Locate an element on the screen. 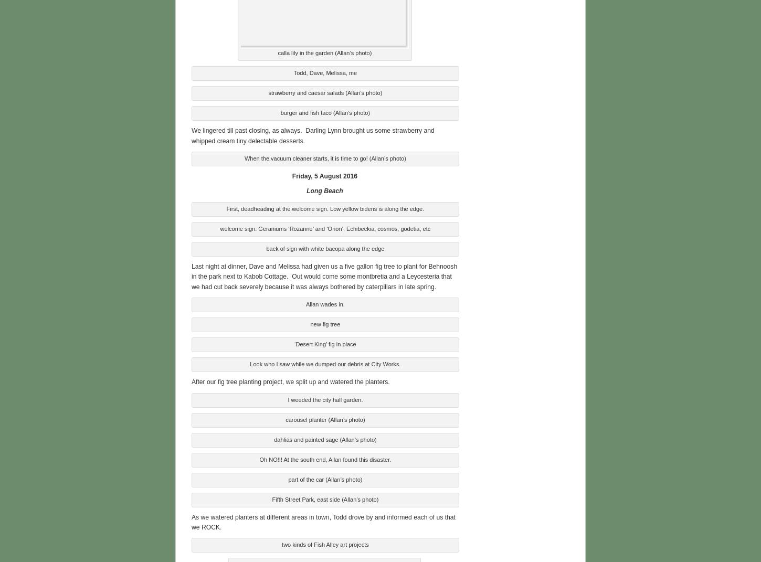 This screenshot has width=761, height=562. 'burger and fish taco (Allan’s photo)' is located at coordinates (324, 111).